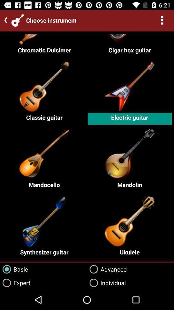 This screenshot has height=310, width=174. I want to click on the icon next to advanced icon, so click(15, 283).